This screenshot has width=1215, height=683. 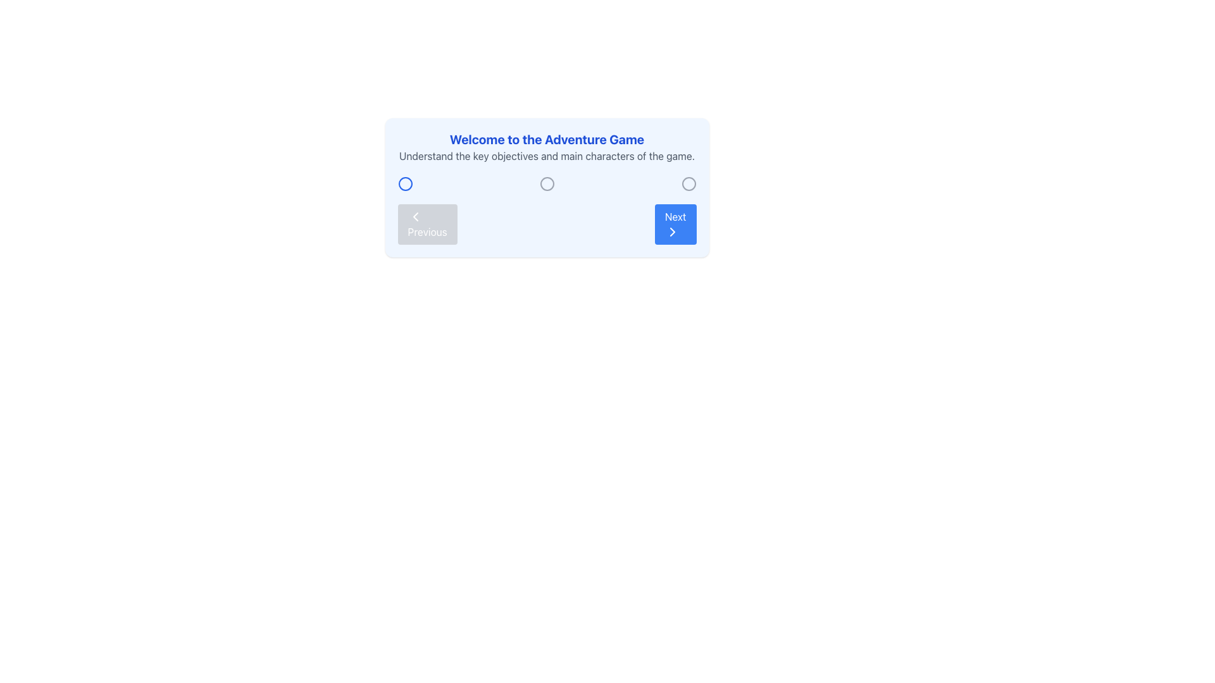 What do you see at coordinates (671, 231) in the screenshot?
I see `the chevron-right vector icon within the 'Next' button located in the bottom-right corner of the UI panel` at bounding box center [671, 231].